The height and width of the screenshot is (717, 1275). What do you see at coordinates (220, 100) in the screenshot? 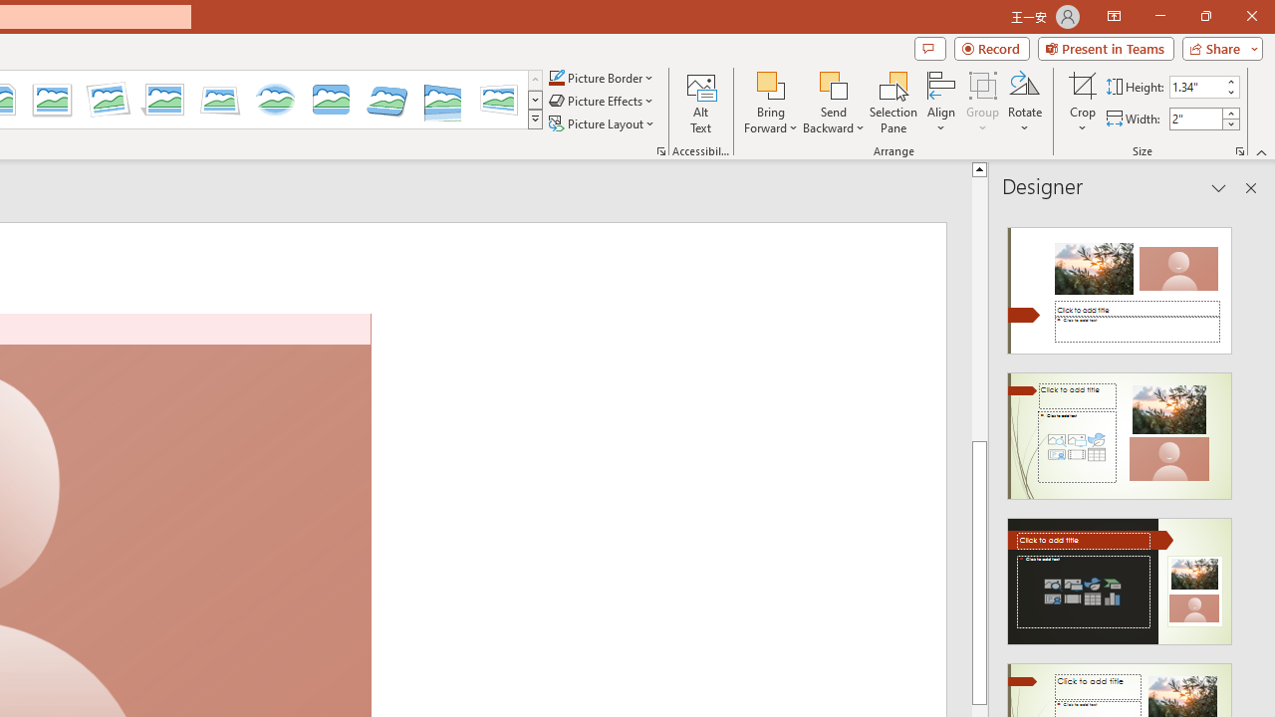
I see `'Relaxed Perspective, White'` at bounding box center [220, 100].